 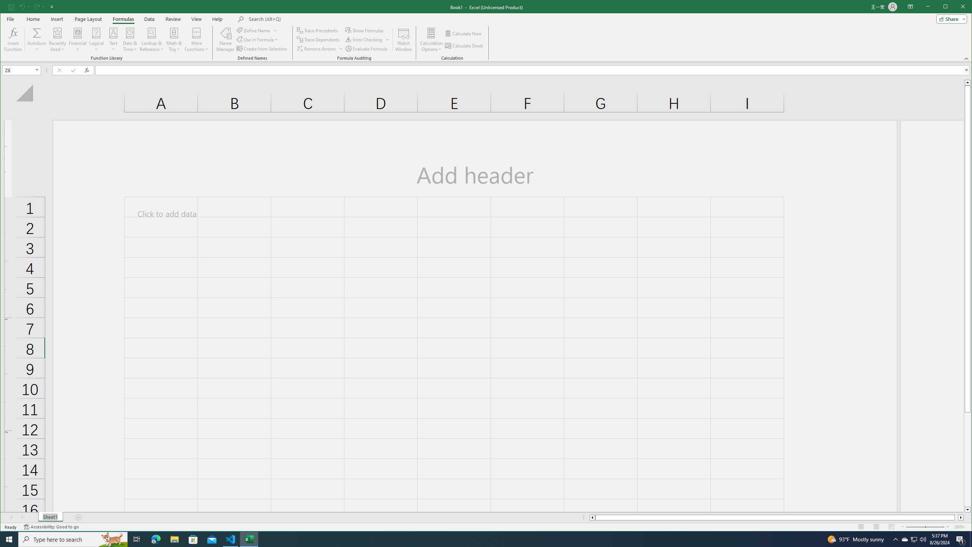 I want to click on 'User Promoted Notification Area', so click(x=913, y=539).